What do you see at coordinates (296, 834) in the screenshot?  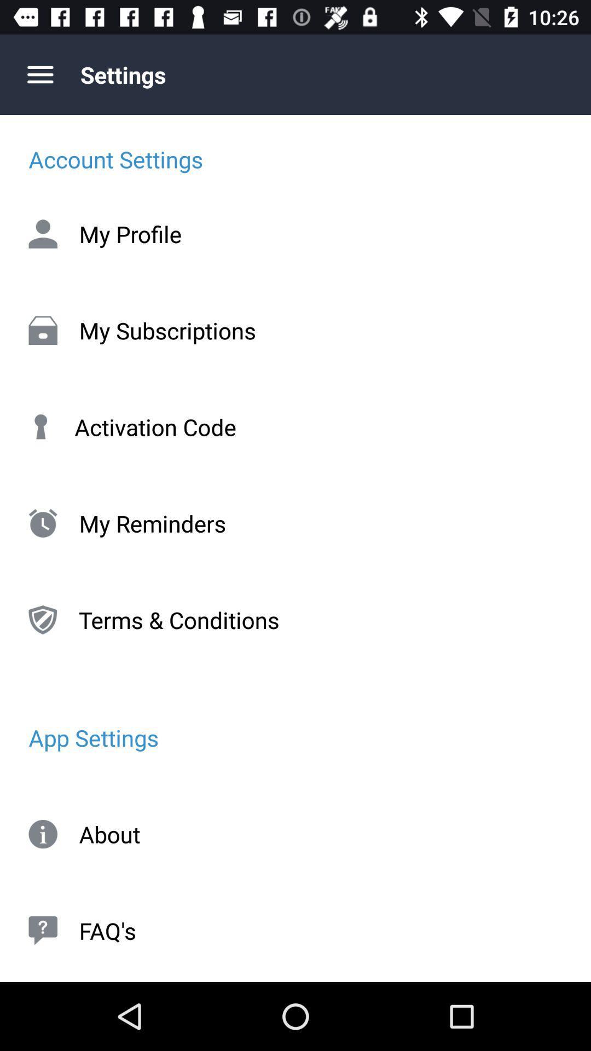 I see `the about` at bounding box center [296, 834].